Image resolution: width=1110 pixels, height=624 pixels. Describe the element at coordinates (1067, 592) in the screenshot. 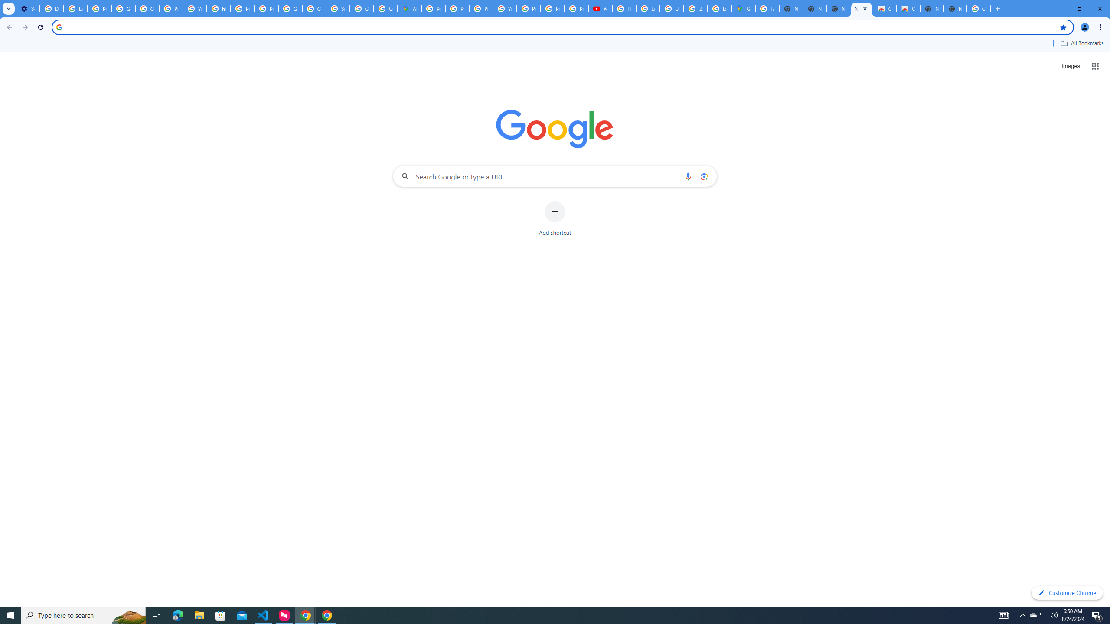

I see `'Customize Chrome'` at that location.